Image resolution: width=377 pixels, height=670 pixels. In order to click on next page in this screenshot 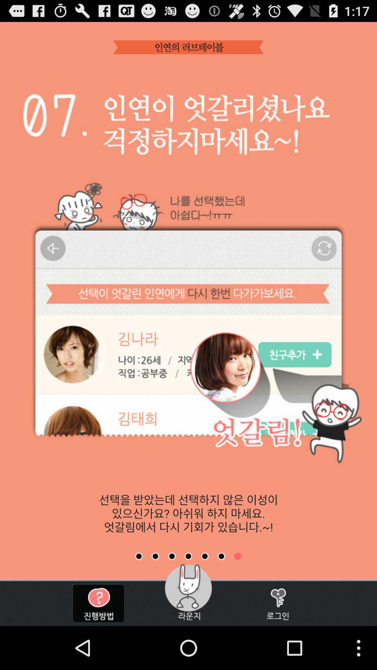, I will do `click(155, 556)`.